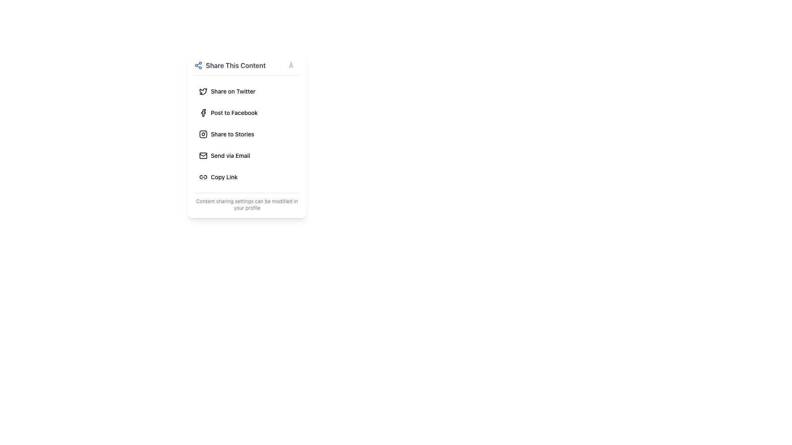 The width and height of the screenshot is (792, 445). I want to click on the camera icon located to the left of the text 'Share to Stories' in the horizontal menu, so click(203, 134).